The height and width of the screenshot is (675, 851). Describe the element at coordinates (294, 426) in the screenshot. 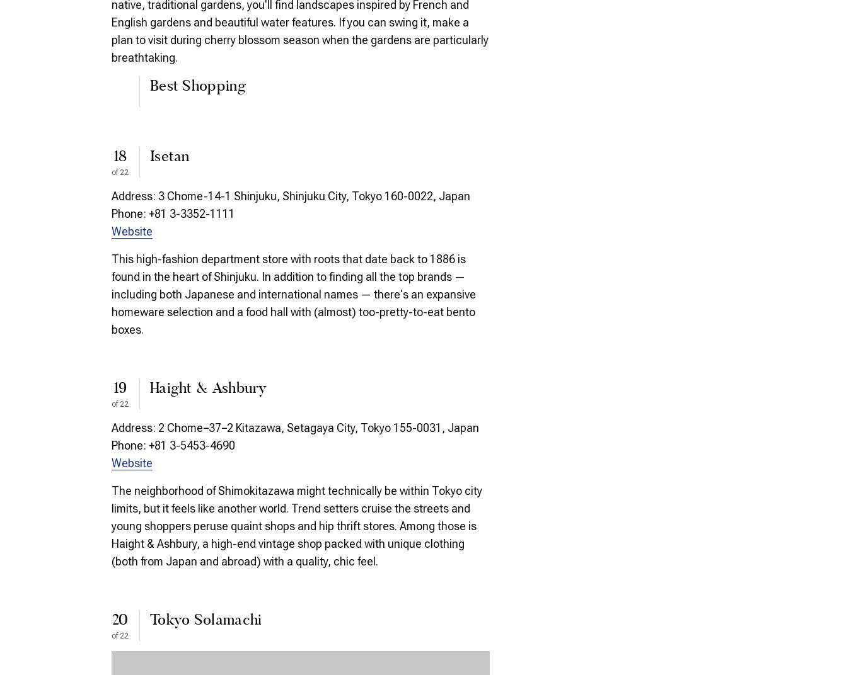

I see `'Address: 2 Chome−37−2 Kitazawa, Setagaya City, Tokyo 155-0031, Japan'` at that location.